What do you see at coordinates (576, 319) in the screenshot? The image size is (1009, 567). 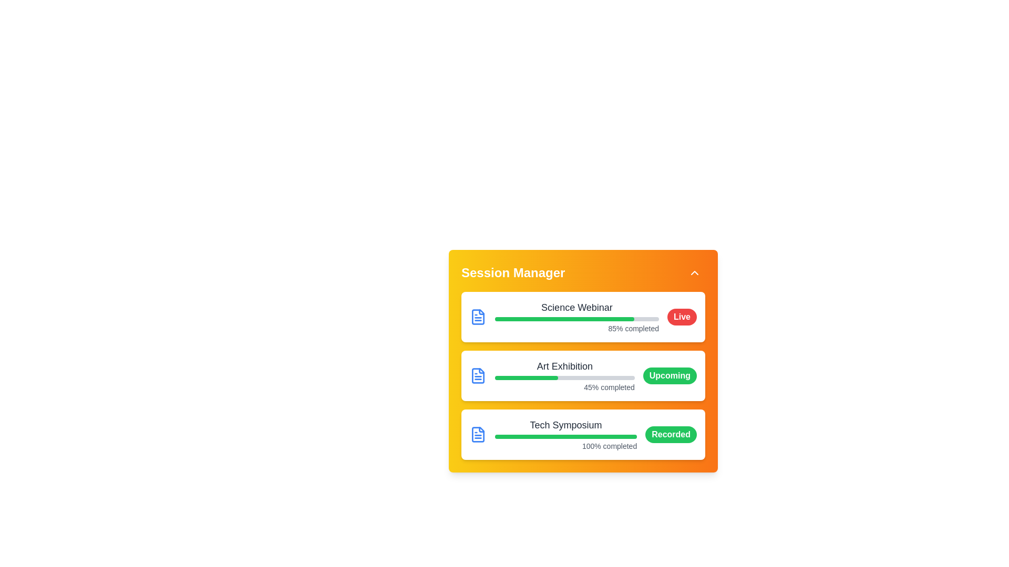 I see `the progress of the 'Science Webinar' progress bar, which indicates that it is 85% complete, located in the second row of the 'Session Manager' panel` at bounding box center [576, 319].